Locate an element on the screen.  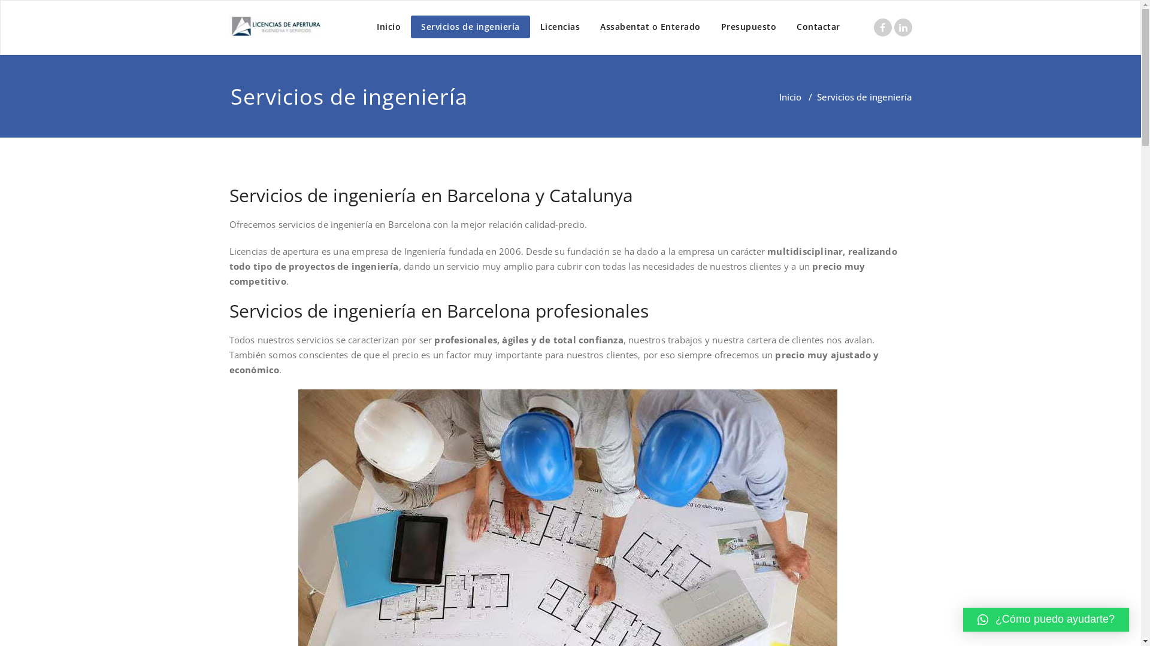
'Presupuesto' is located at coordinates (747, 27).